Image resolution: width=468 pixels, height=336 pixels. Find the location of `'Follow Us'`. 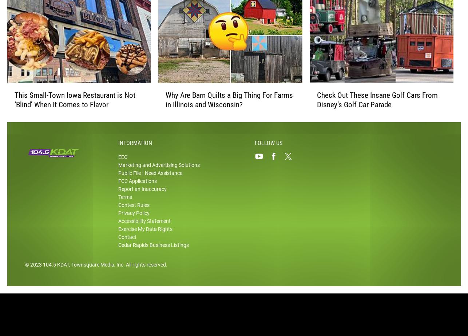

'Follow Us' is located at coordinates (269, 155).